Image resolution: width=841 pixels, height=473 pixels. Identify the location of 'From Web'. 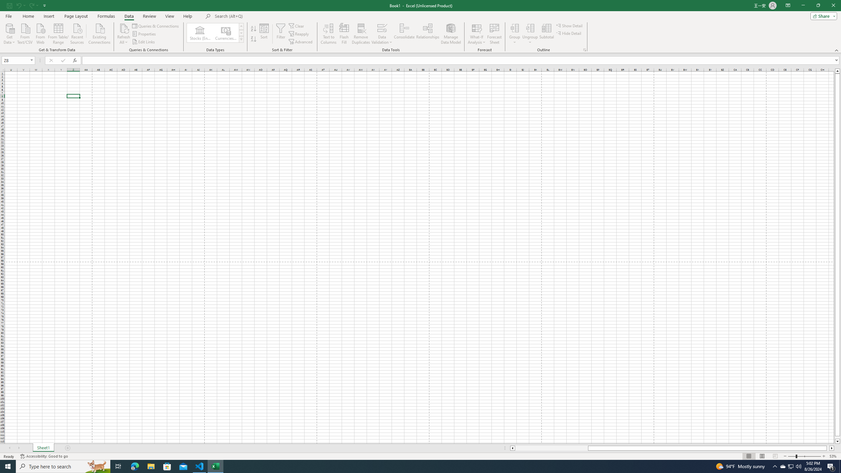
(40, 33).